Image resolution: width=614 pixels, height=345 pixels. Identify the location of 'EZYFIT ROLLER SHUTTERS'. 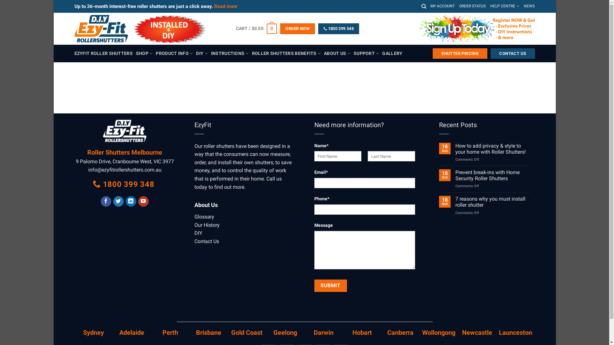
(103, 53).